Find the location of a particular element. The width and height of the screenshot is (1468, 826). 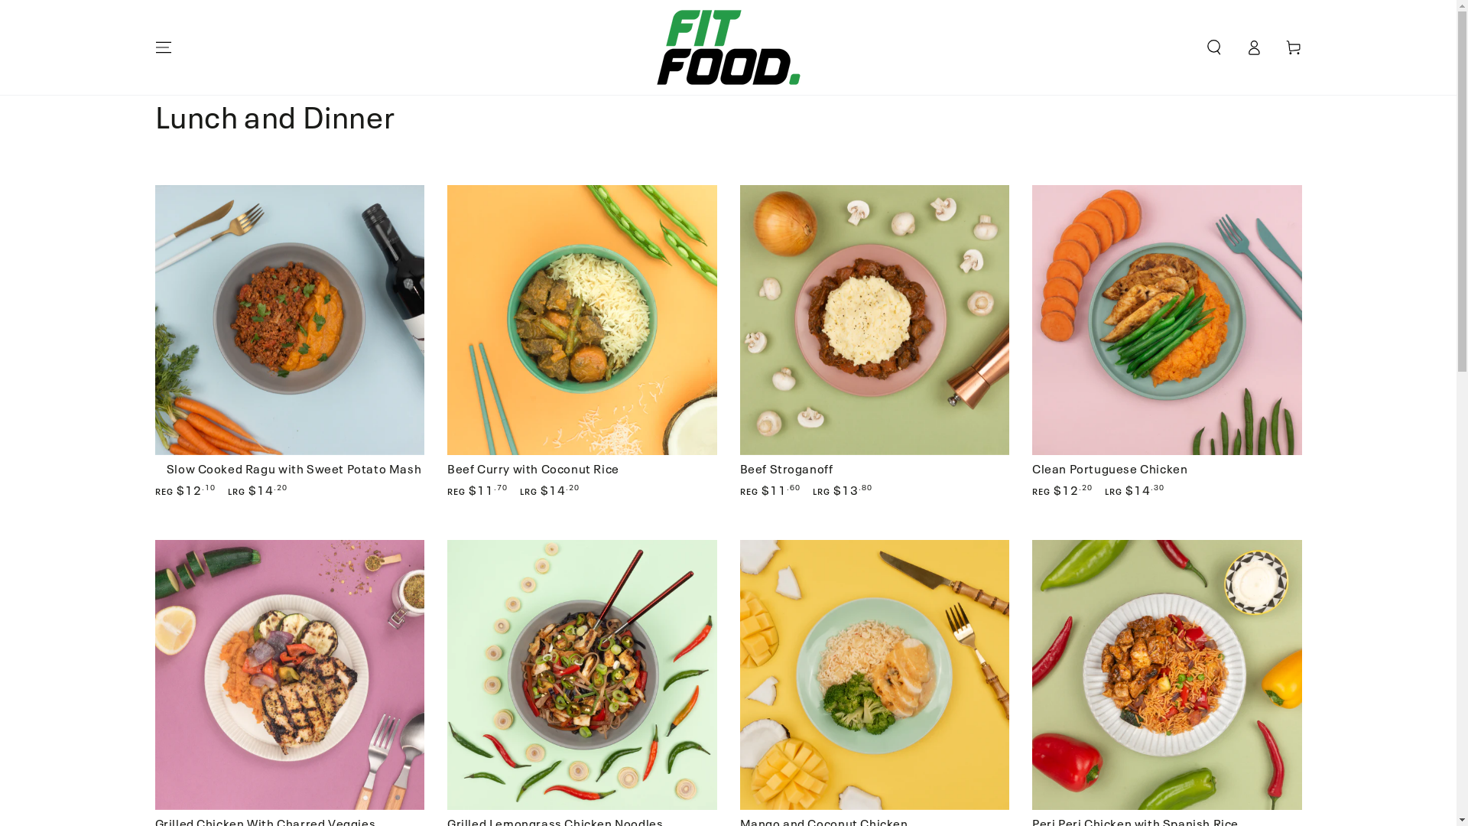

'Log in' is located at coordinates (1254, 46).